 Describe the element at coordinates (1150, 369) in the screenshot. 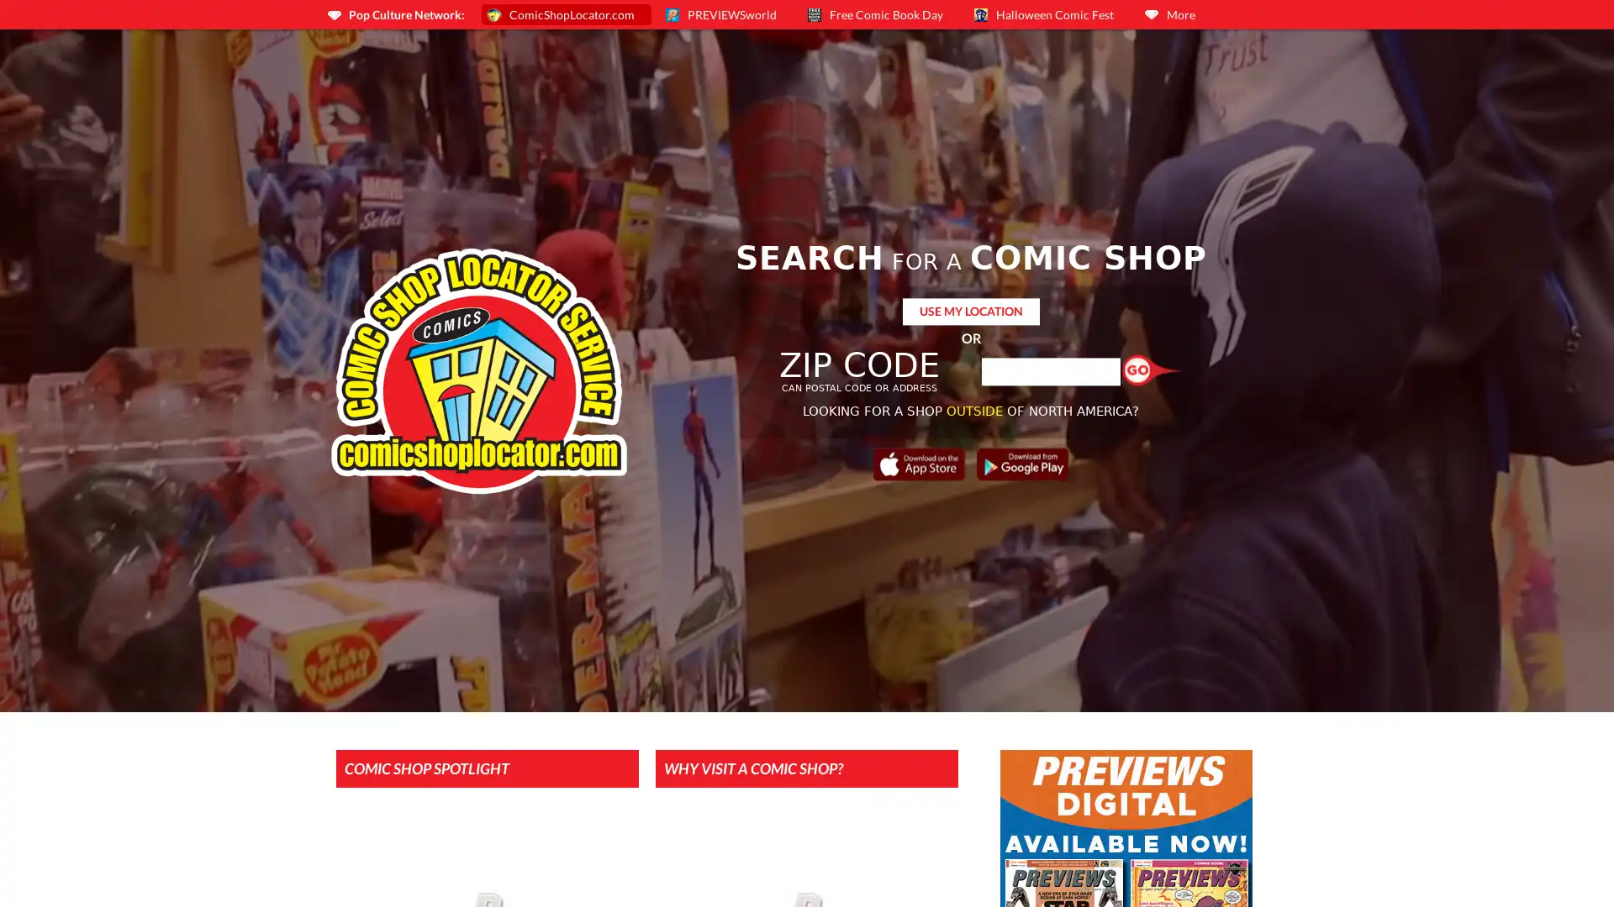

I see `Find a Shop!` at that location.